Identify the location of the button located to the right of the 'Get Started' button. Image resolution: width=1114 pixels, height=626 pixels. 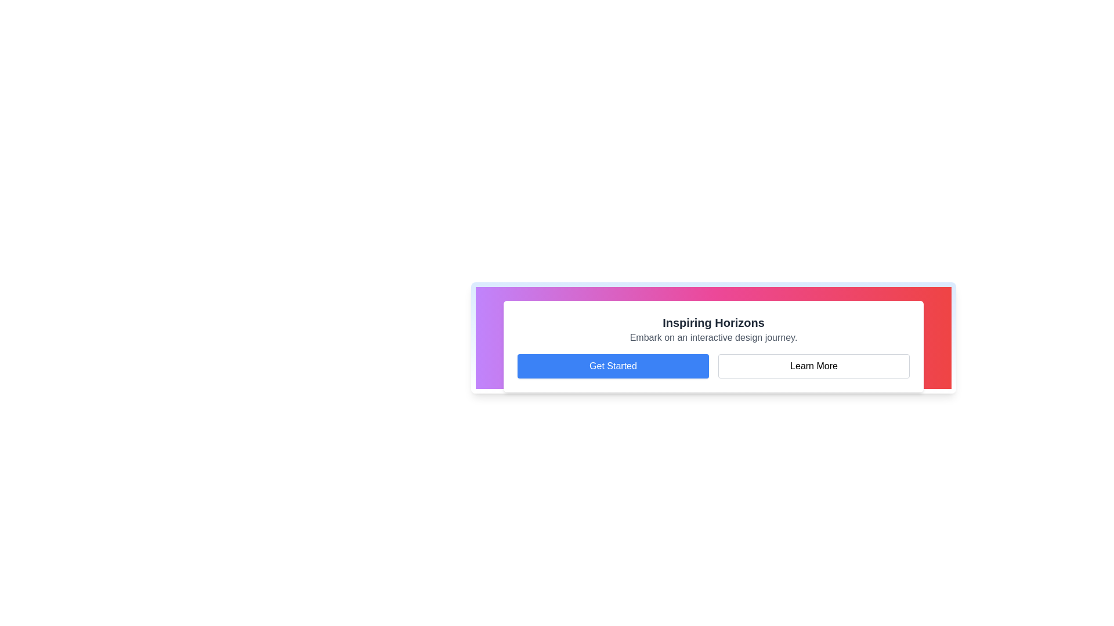
(813, 366).